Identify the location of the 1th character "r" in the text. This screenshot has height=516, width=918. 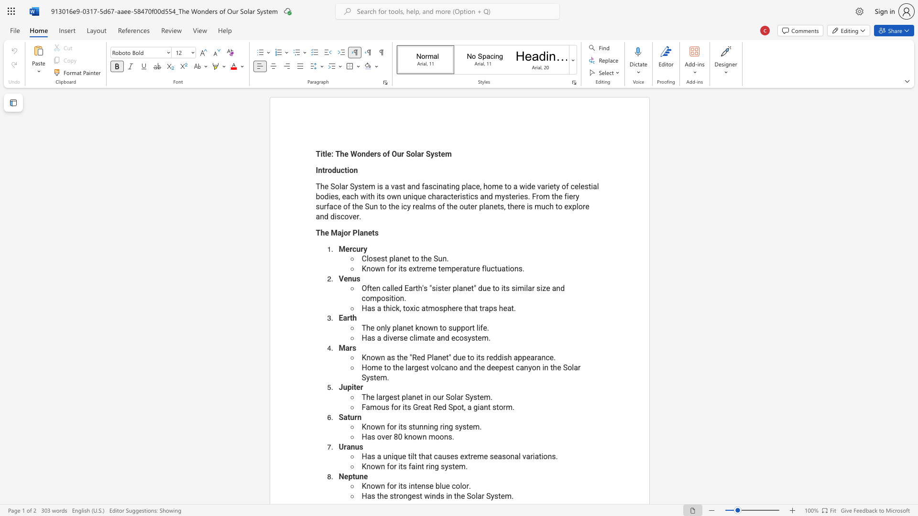
(326, 170).